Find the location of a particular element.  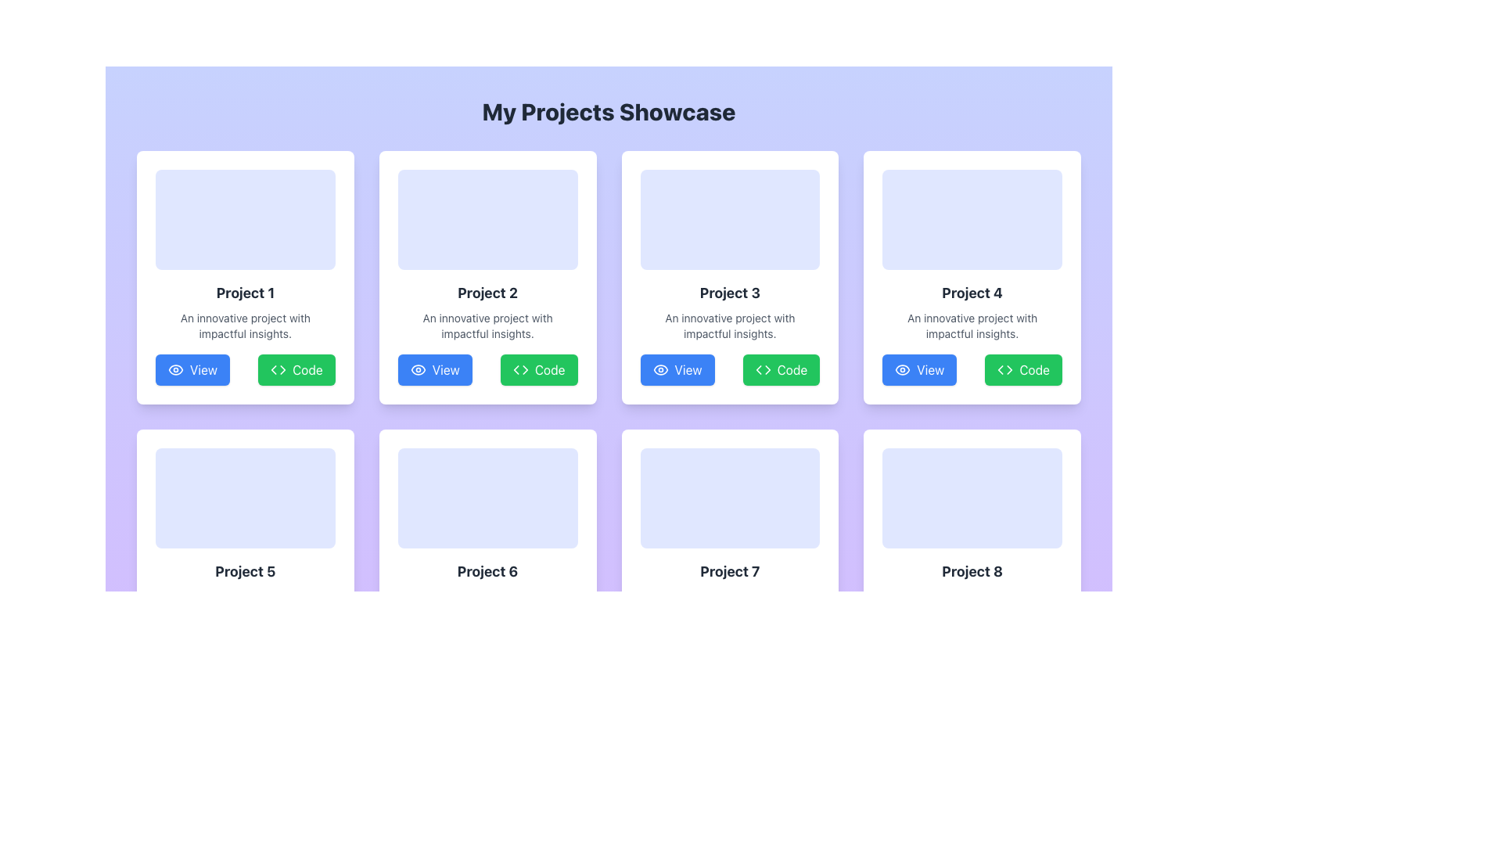

descriptive text displayed in the Text Block located within the 'Project 4' card, positioned directly below the title and above the 'View' and 'Code' buttons is located at coordinates (972, 325).